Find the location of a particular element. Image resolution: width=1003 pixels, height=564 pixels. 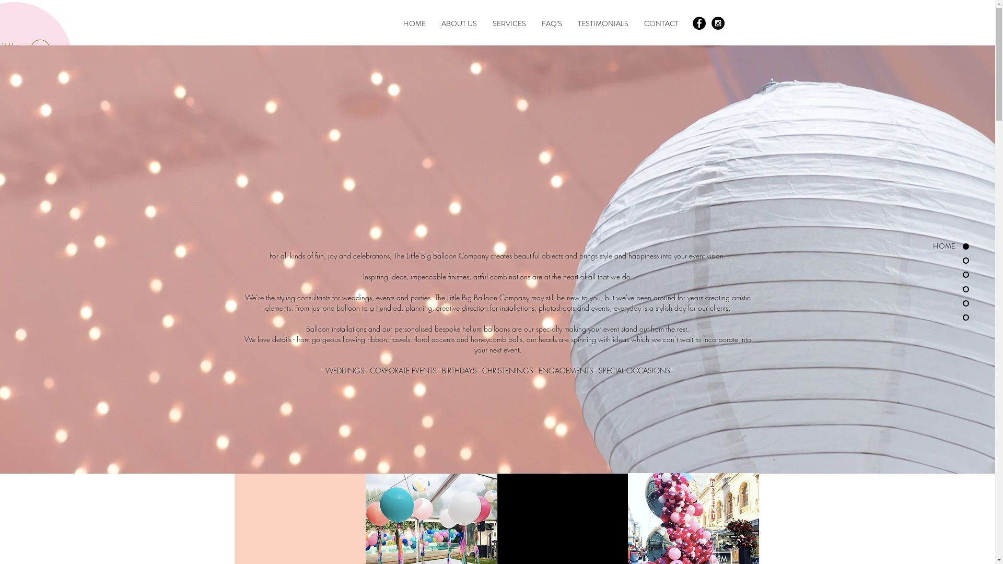

'HOME' is located at coordinates (413, 23).